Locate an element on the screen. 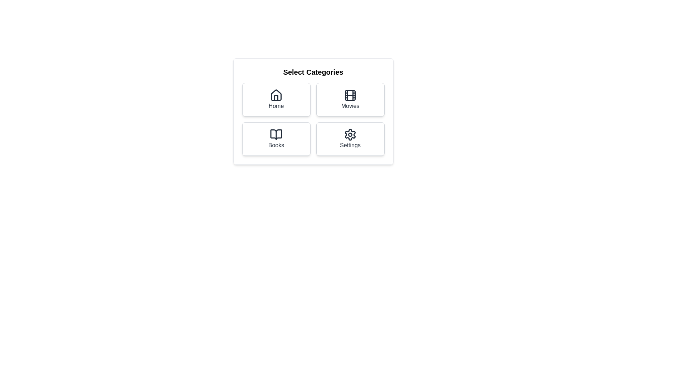 This screenshot has width=687, height=386. the category Movies is located at coordinates (350, 99).